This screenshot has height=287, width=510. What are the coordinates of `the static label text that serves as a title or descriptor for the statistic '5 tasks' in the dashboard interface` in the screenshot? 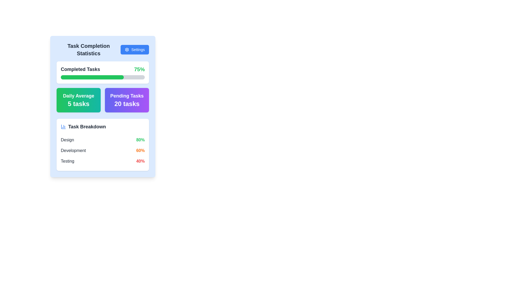 It's located at (78, 96).